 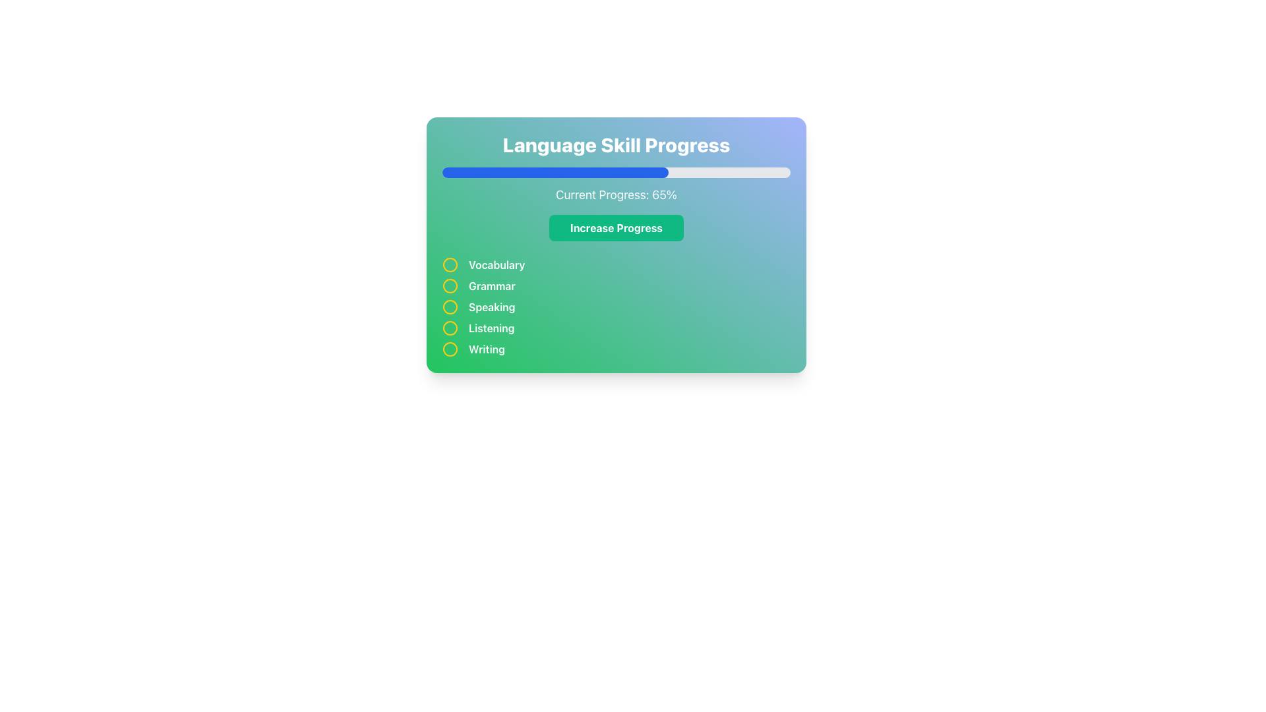 What do you see at coordinates (450, 327) in the screenshot?
I see `the state of the fourth circular icon in the list, which has a yellow outline and is located beneath the 'Listening' label` at bounding box center [450, 327].